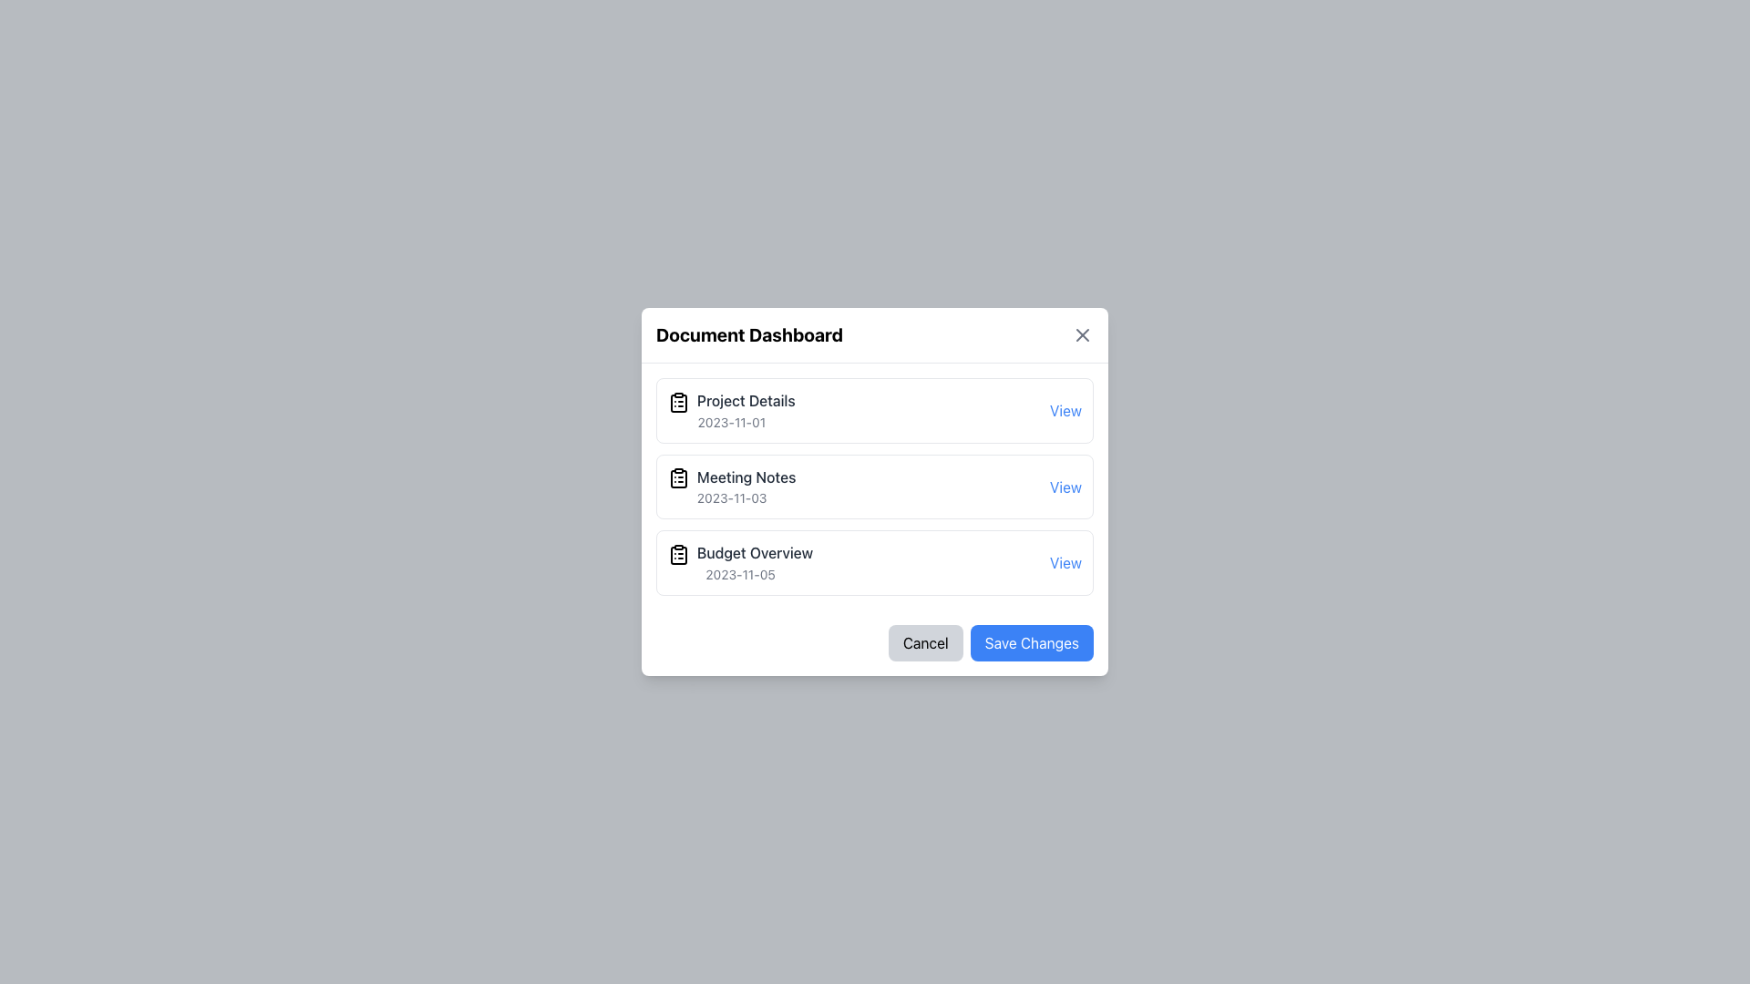 This screenshot has width=1750, height=984. I want to click on the first list item in the 'Document Dashboard' modal, which displays its title, associated date, and link for further actions, so click(875, 410).